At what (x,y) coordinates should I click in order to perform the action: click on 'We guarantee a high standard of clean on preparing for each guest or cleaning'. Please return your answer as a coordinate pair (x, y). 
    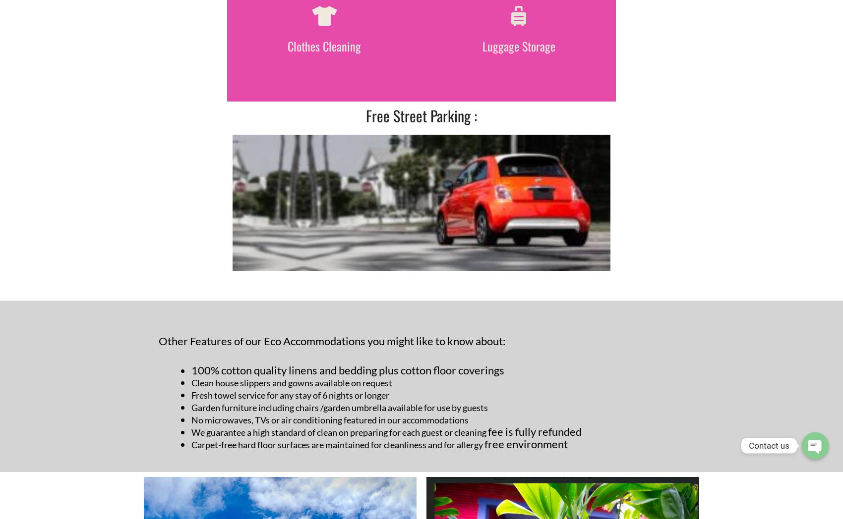
    Looking at the image, I should click on (339, 432).